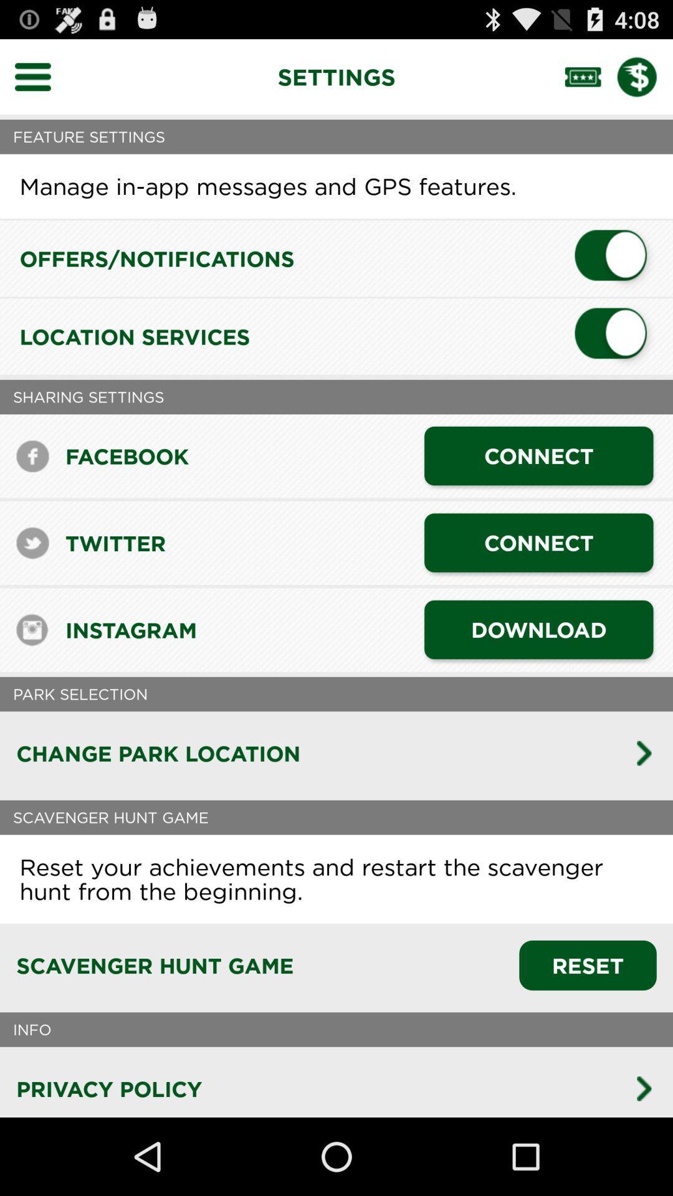 The image size is (673, 1196). Describe the element at coordinates (590, 76) in the screenshot. I see `tickets` at that location.